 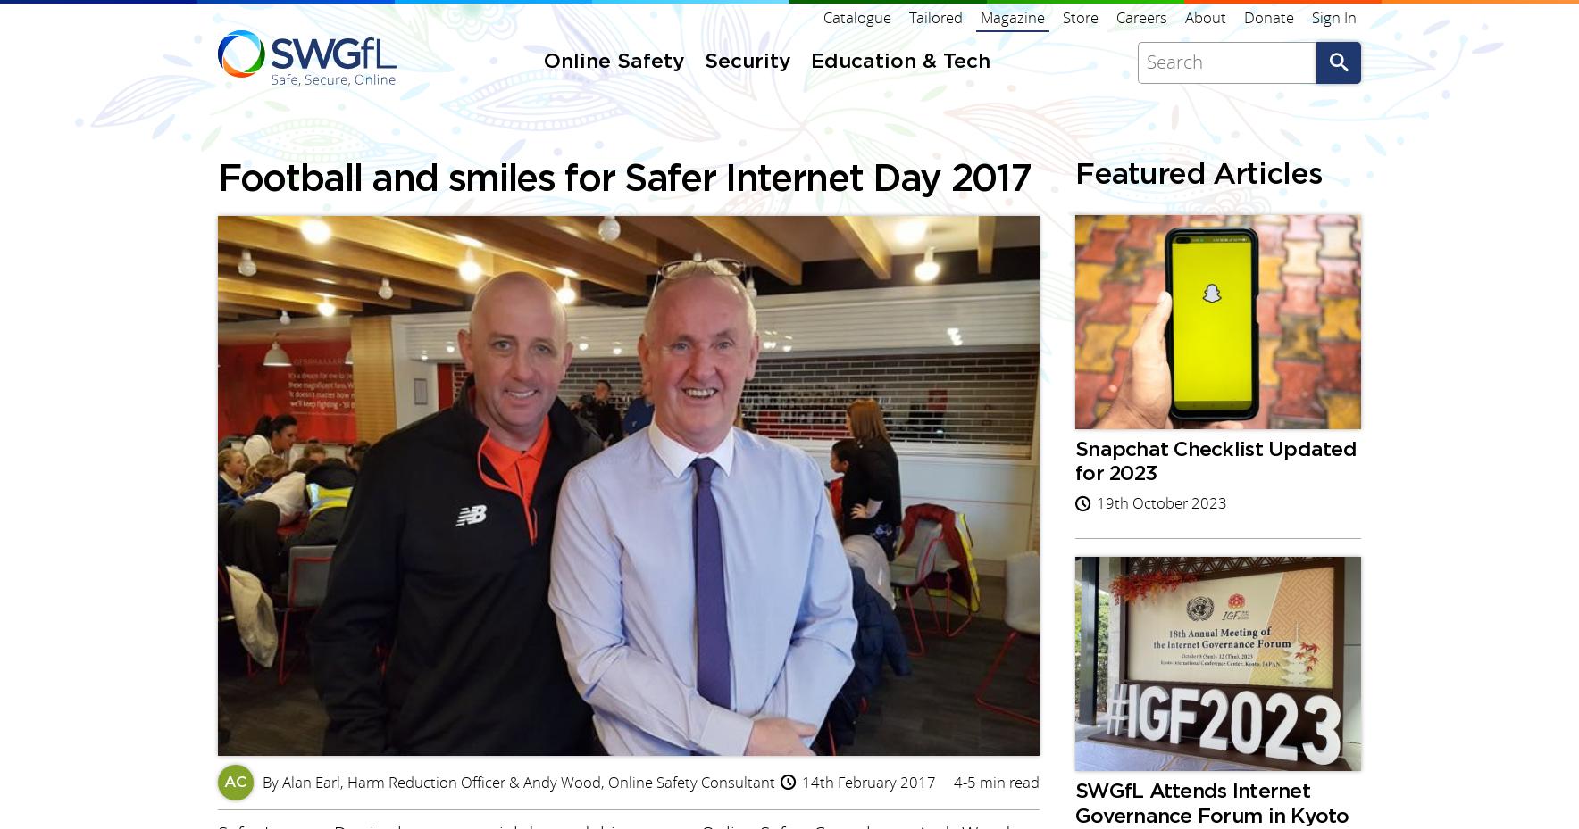 What do you see at coordinates (331, 221) in the screenshot?
I see `'Related Articles'` at bounding box center [331, 221].